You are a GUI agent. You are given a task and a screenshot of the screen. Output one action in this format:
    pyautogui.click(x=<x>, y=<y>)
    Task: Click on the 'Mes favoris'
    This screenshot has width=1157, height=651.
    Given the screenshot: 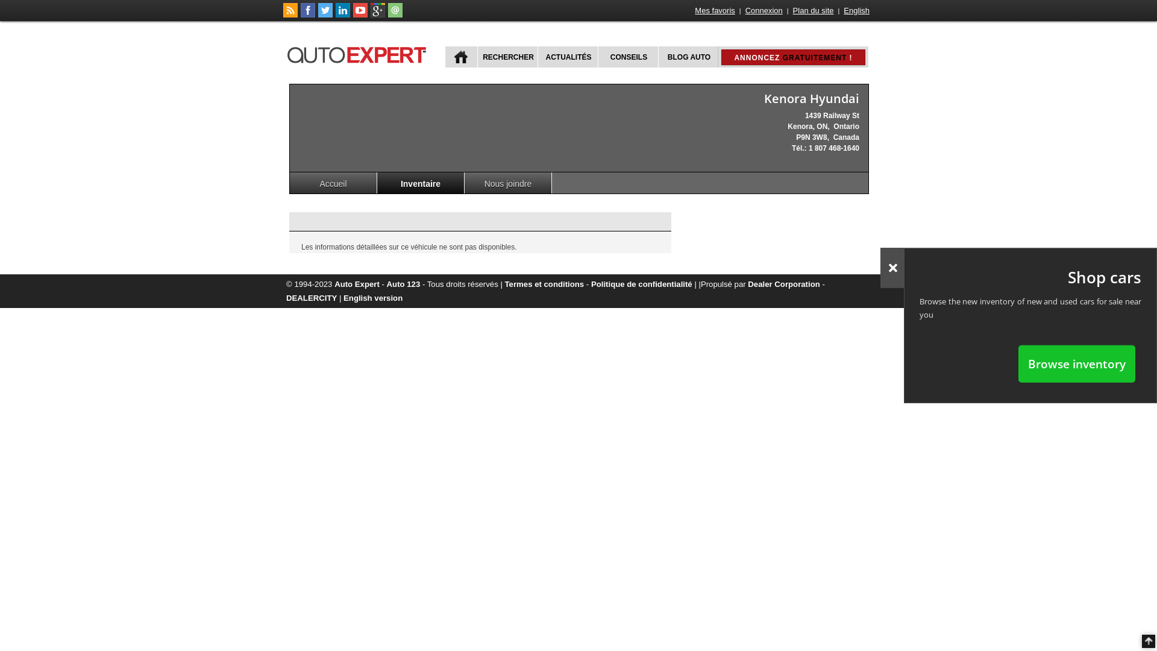 What is the action you would take?
    pyautogui.click(x=694, y=10)
    